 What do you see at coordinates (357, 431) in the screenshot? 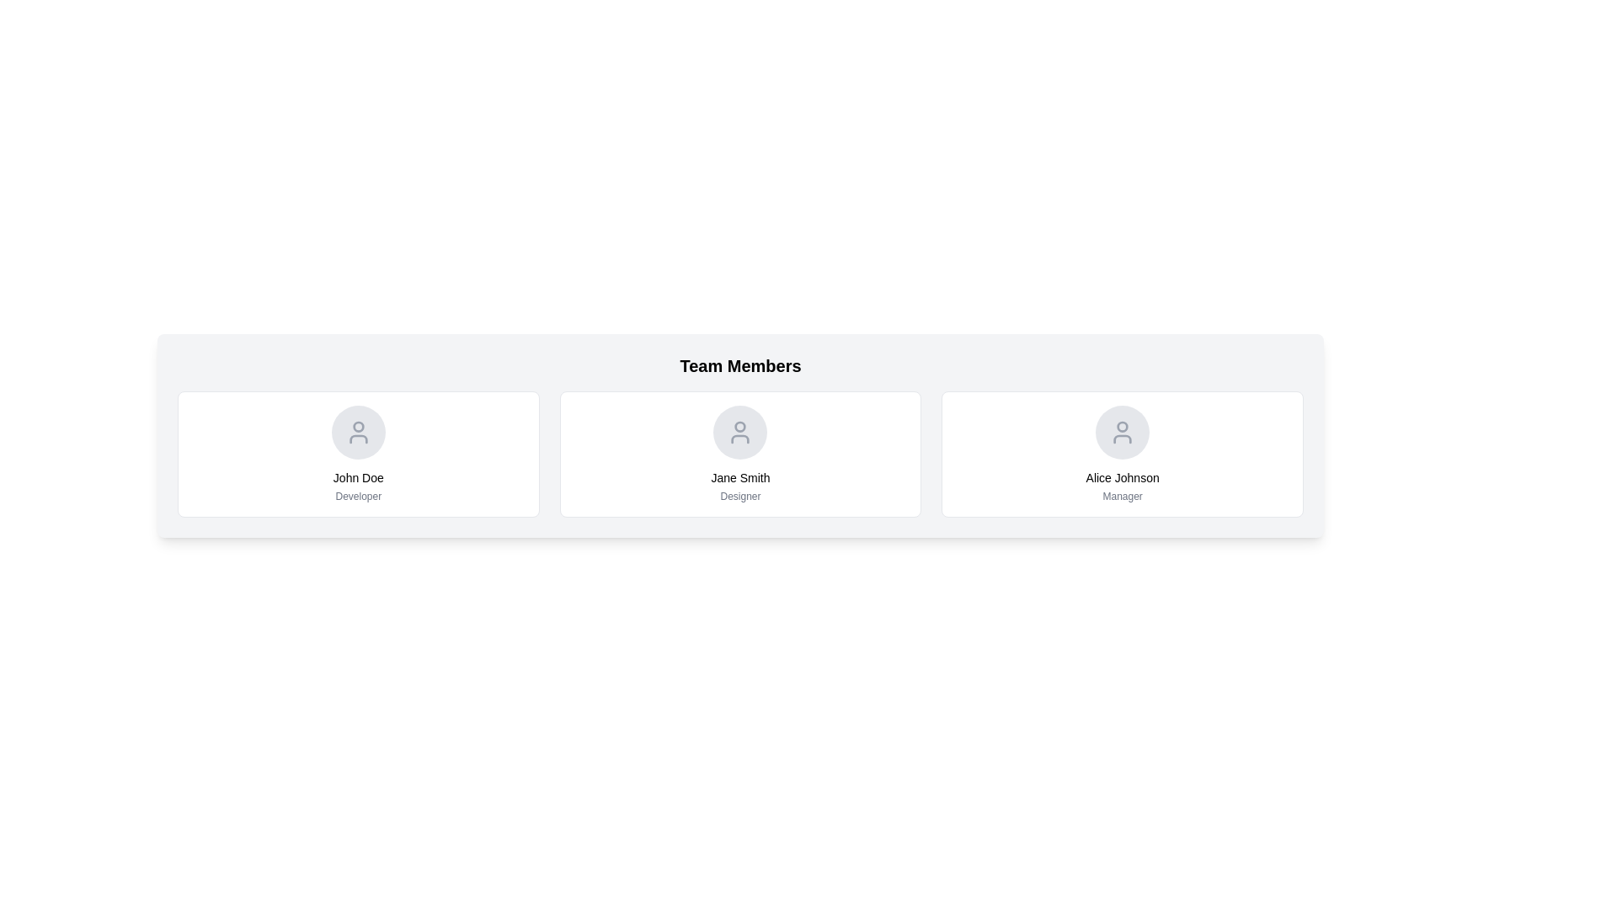
I see `the user silhouette icon located in the 'Team Members' section, which is styled with a grey color and rounded edges` at bounding box center [357, 431].